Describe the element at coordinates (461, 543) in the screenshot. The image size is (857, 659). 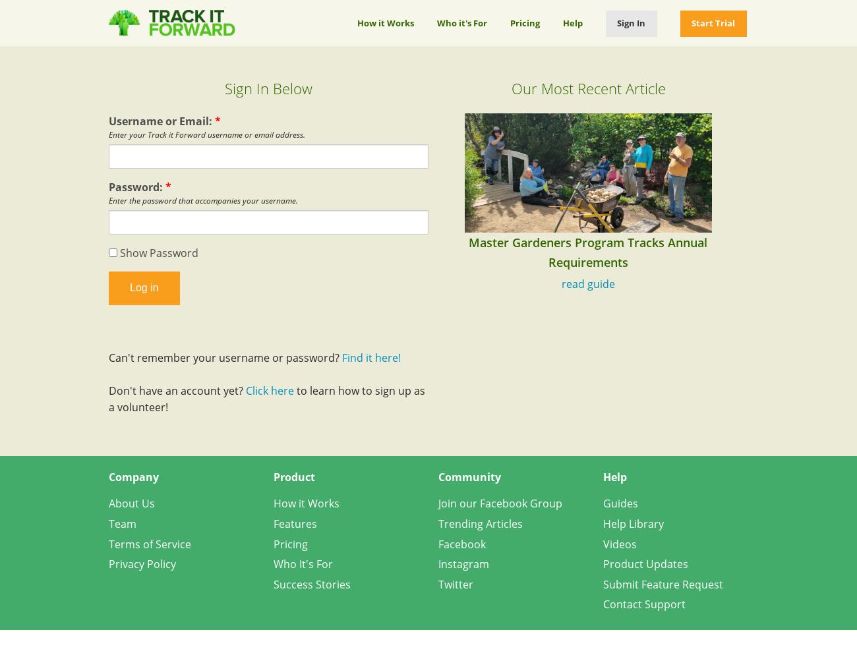
I see `'Facebook'` at that location.